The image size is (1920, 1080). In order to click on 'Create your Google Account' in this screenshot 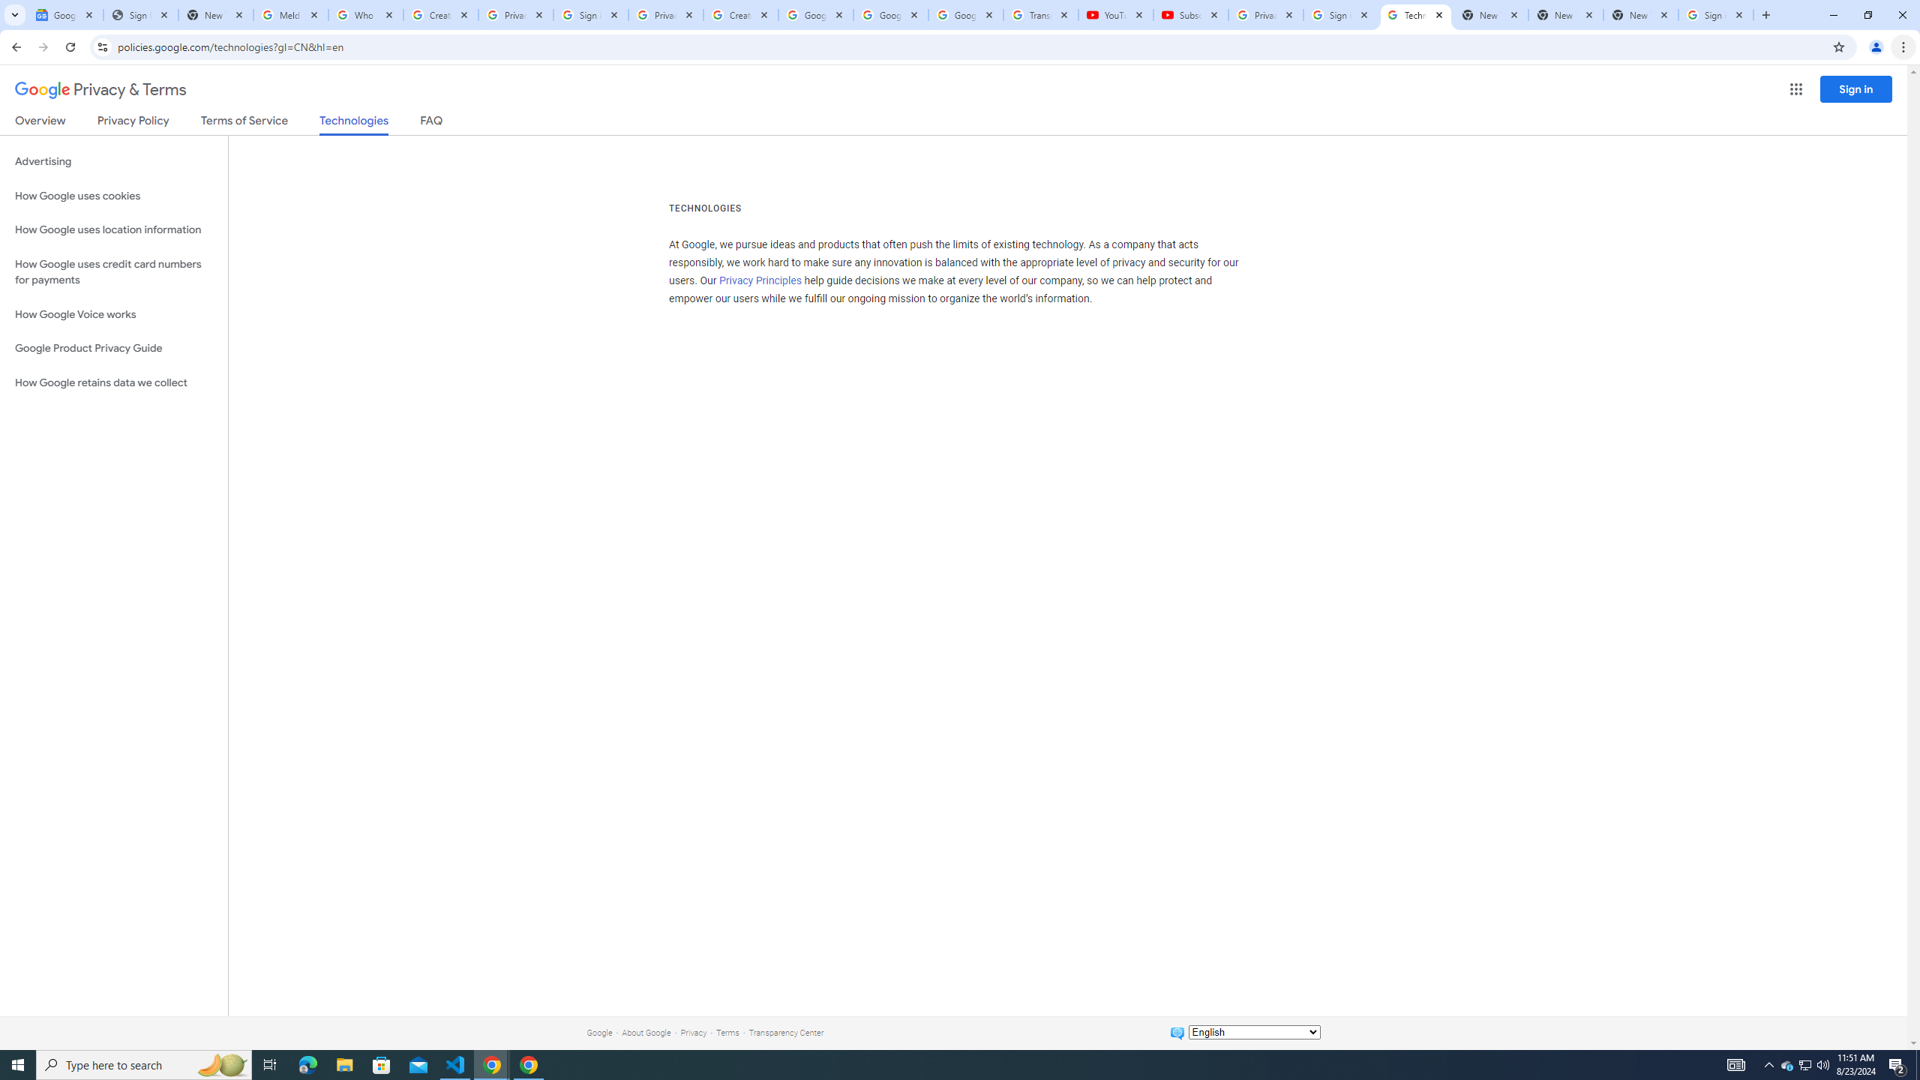, I will do `click(740, 14)`.